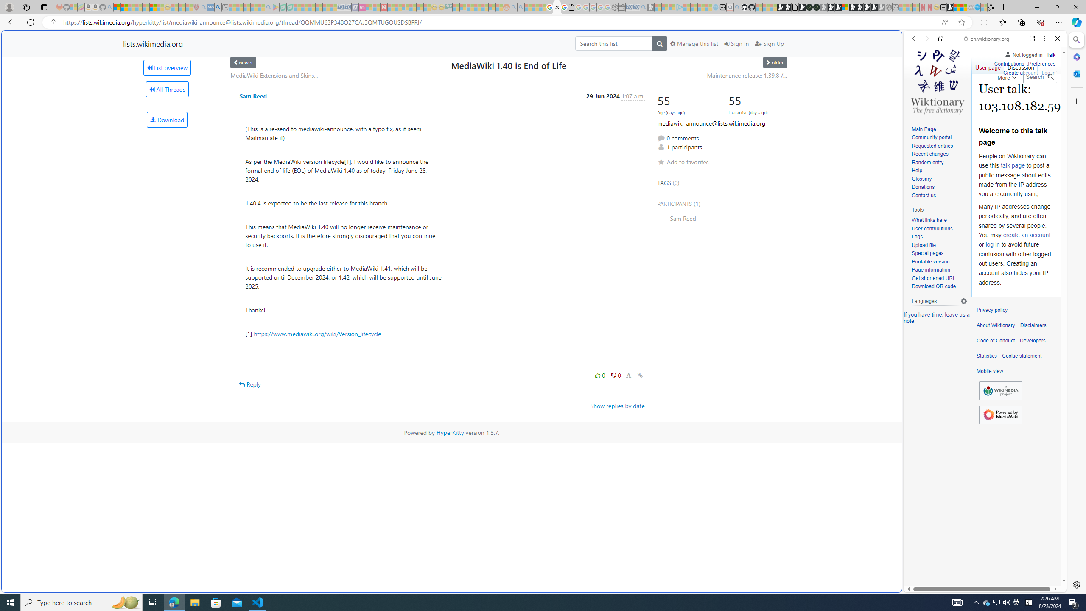 This screenshot has width=1086, height=611. I want to click on 'Visit the main page', so click(937, 80).